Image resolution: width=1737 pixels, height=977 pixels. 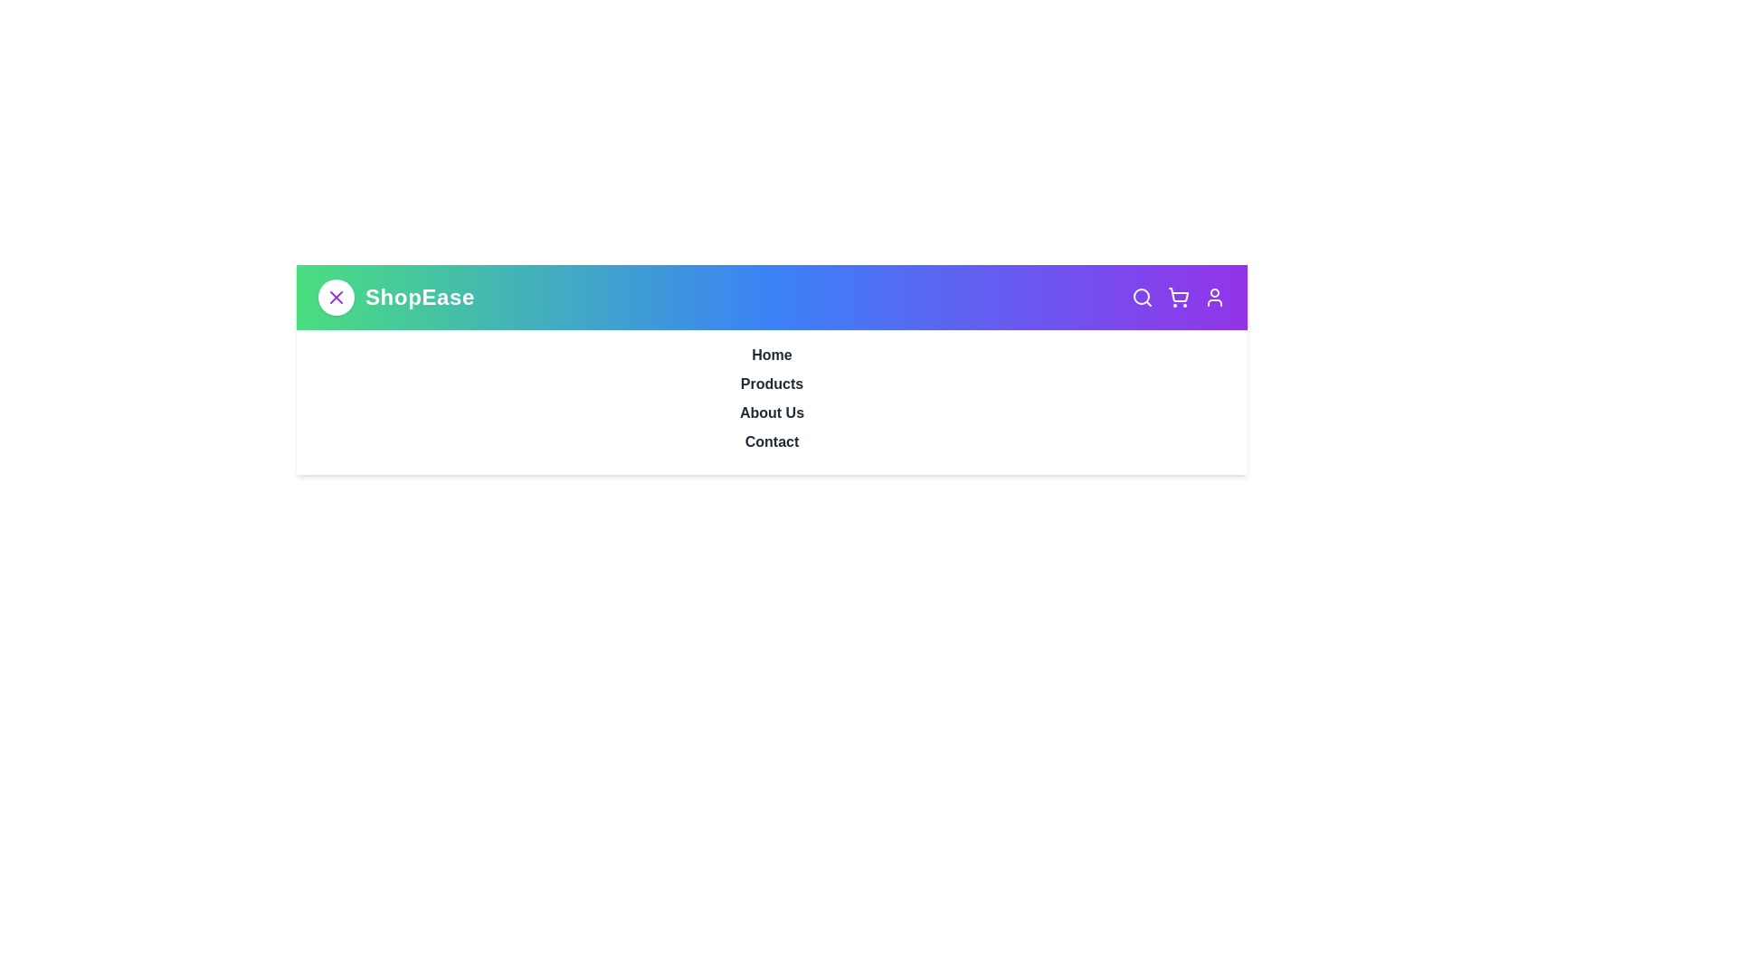 I want to click on the search icon in the navigation bar, so click(x=1141, y=296).